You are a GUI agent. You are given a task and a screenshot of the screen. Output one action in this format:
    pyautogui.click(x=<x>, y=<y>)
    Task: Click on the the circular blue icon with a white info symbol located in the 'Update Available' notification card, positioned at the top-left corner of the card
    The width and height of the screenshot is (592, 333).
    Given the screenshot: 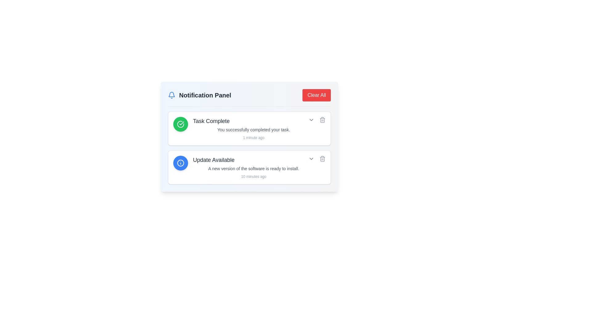 What is the action you would take?
    pyautogui.click(x=180, y=162)
    